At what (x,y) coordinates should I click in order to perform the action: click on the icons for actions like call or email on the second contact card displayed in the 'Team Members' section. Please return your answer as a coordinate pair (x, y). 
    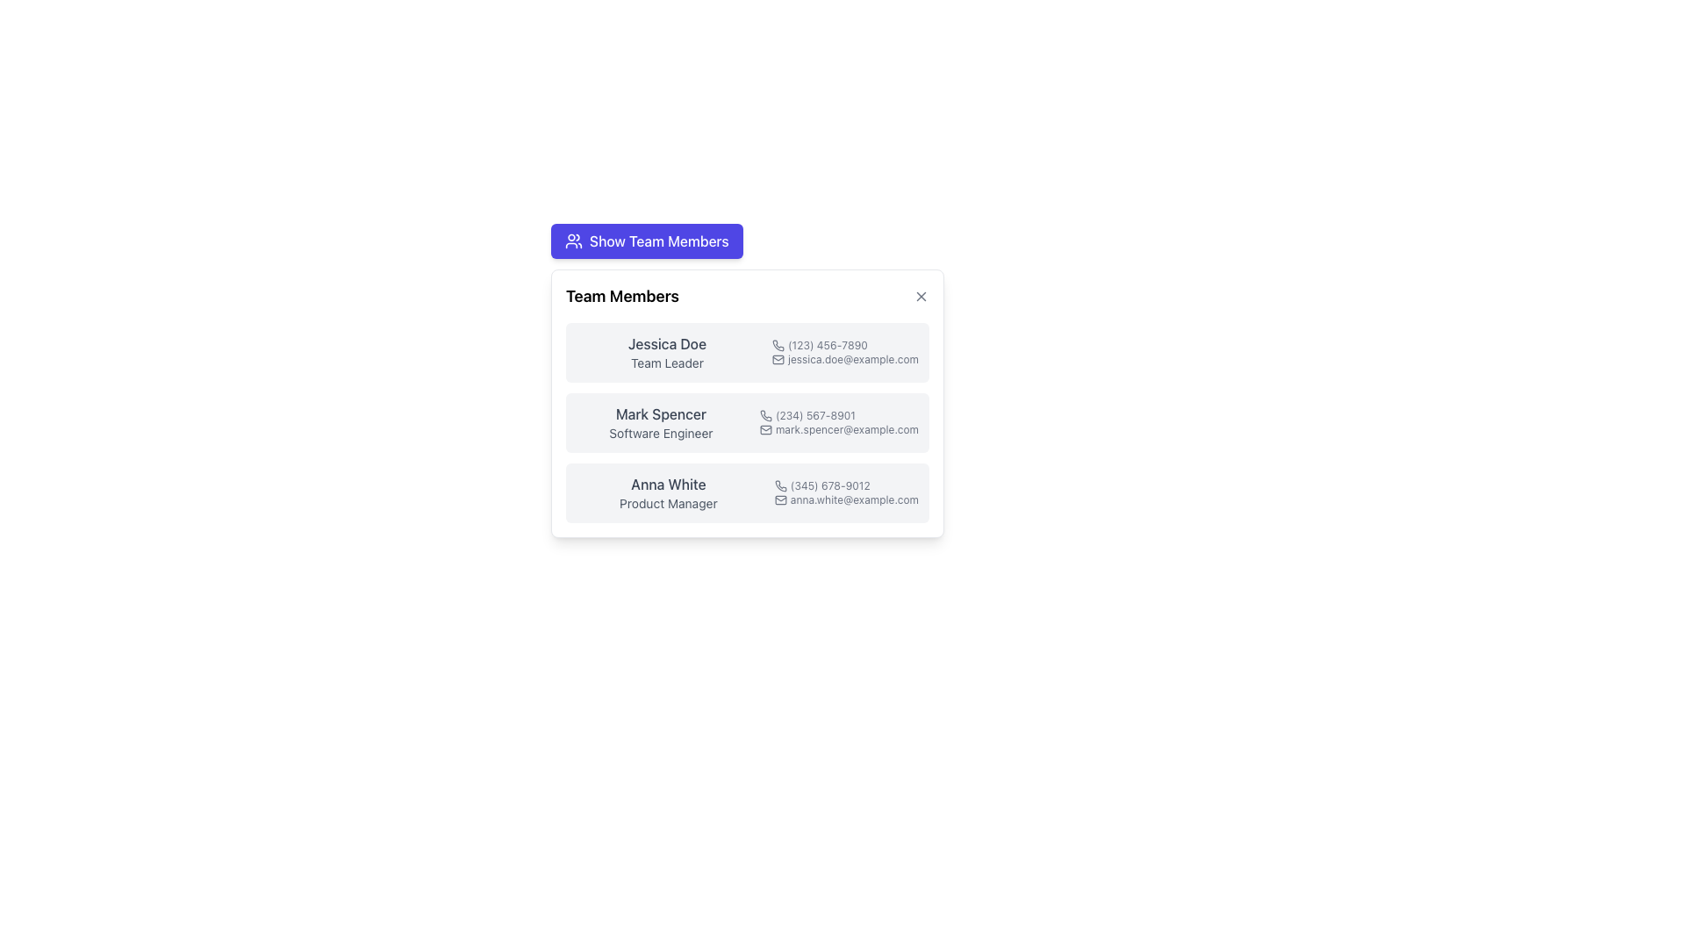
    Looking at the image, I should click on (747, 423).